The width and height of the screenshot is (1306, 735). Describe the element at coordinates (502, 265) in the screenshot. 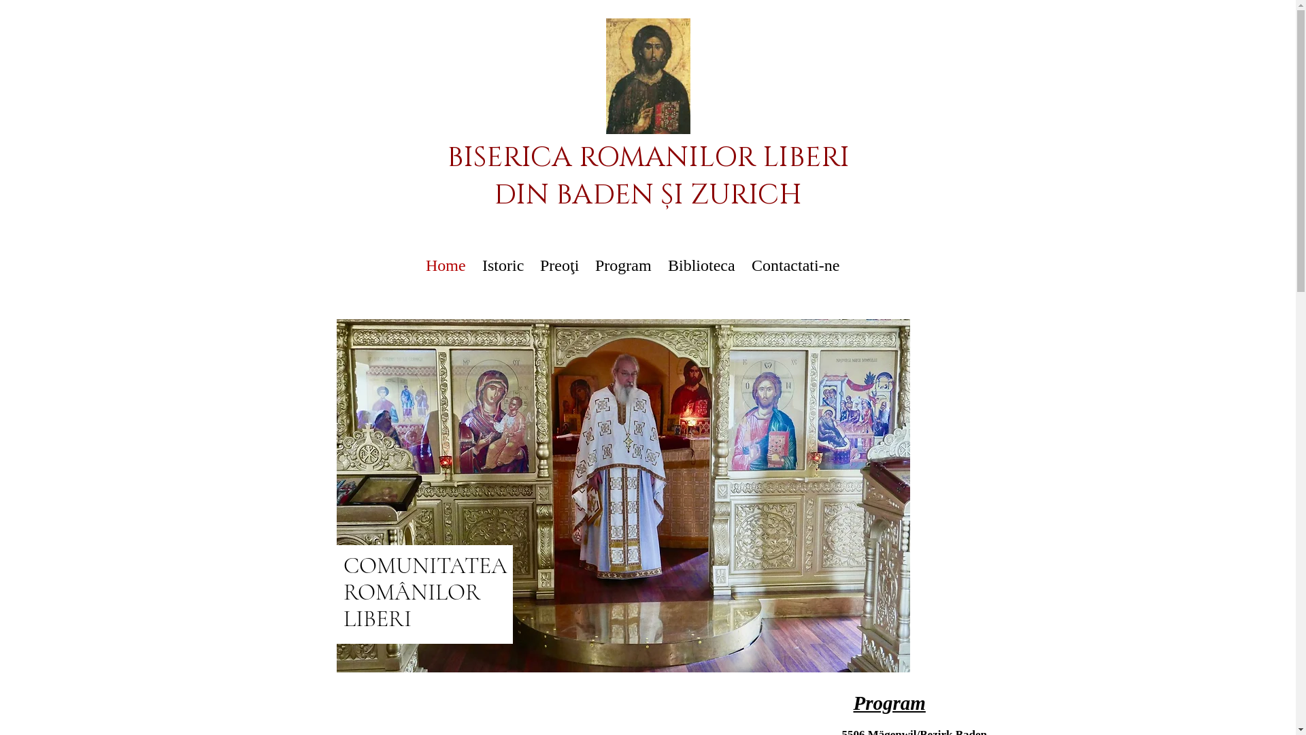

I see `'Istoric'` at that location.